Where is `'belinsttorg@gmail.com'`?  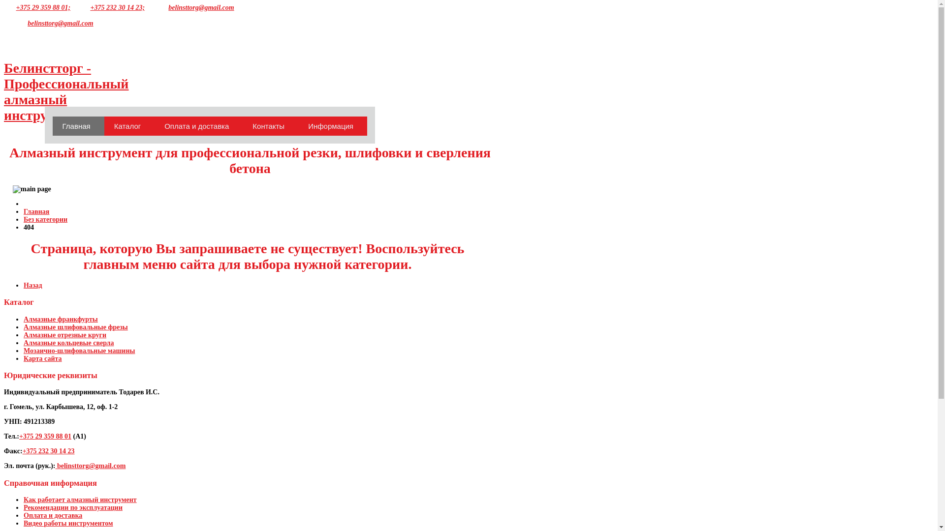 'belinsttorg@gmail.com' is located at coordinates (200, 7).